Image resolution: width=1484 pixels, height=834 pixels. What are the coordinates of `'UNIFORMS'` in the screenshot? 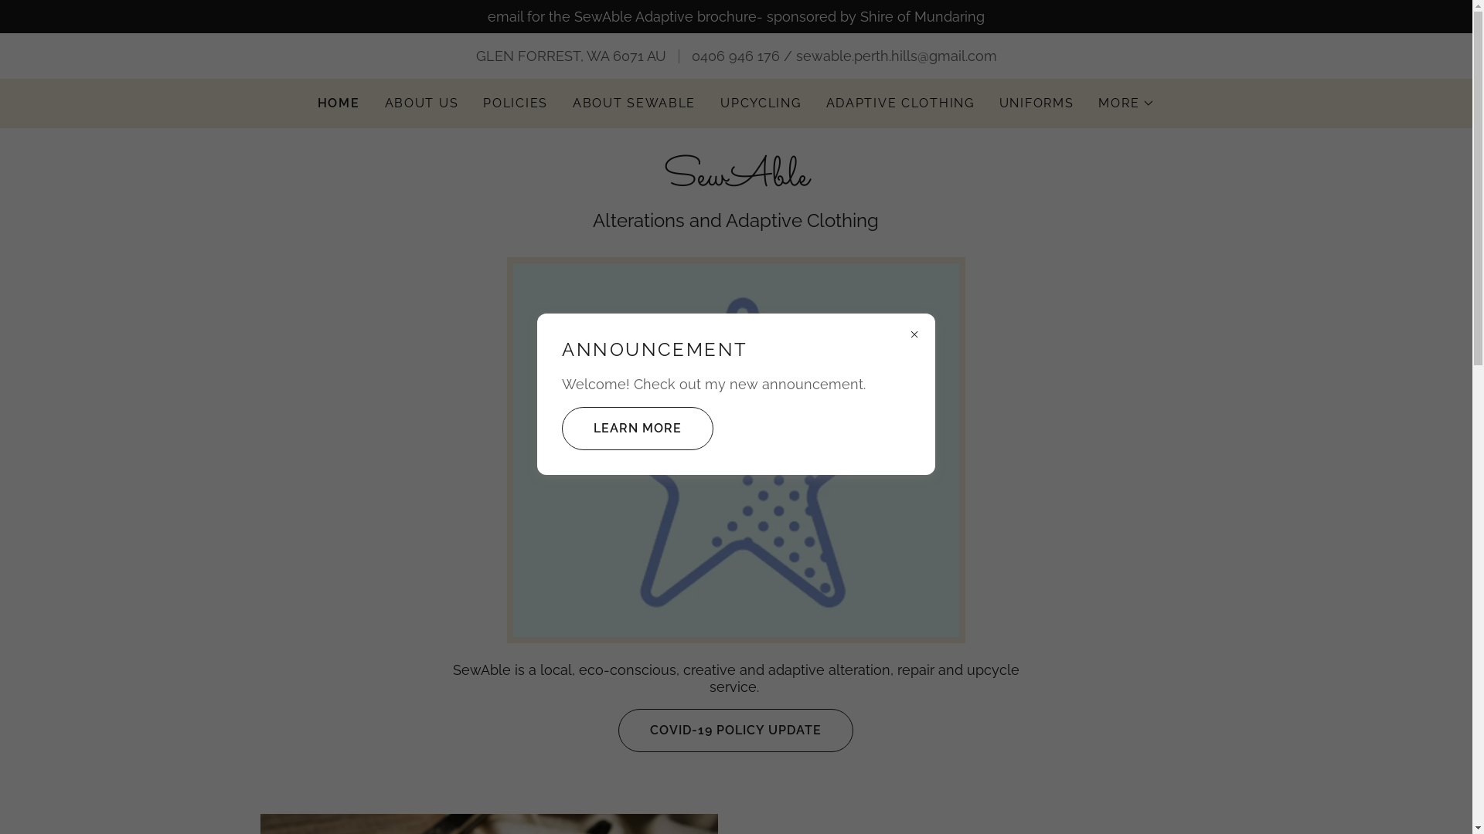 It's located at (1036, 103).